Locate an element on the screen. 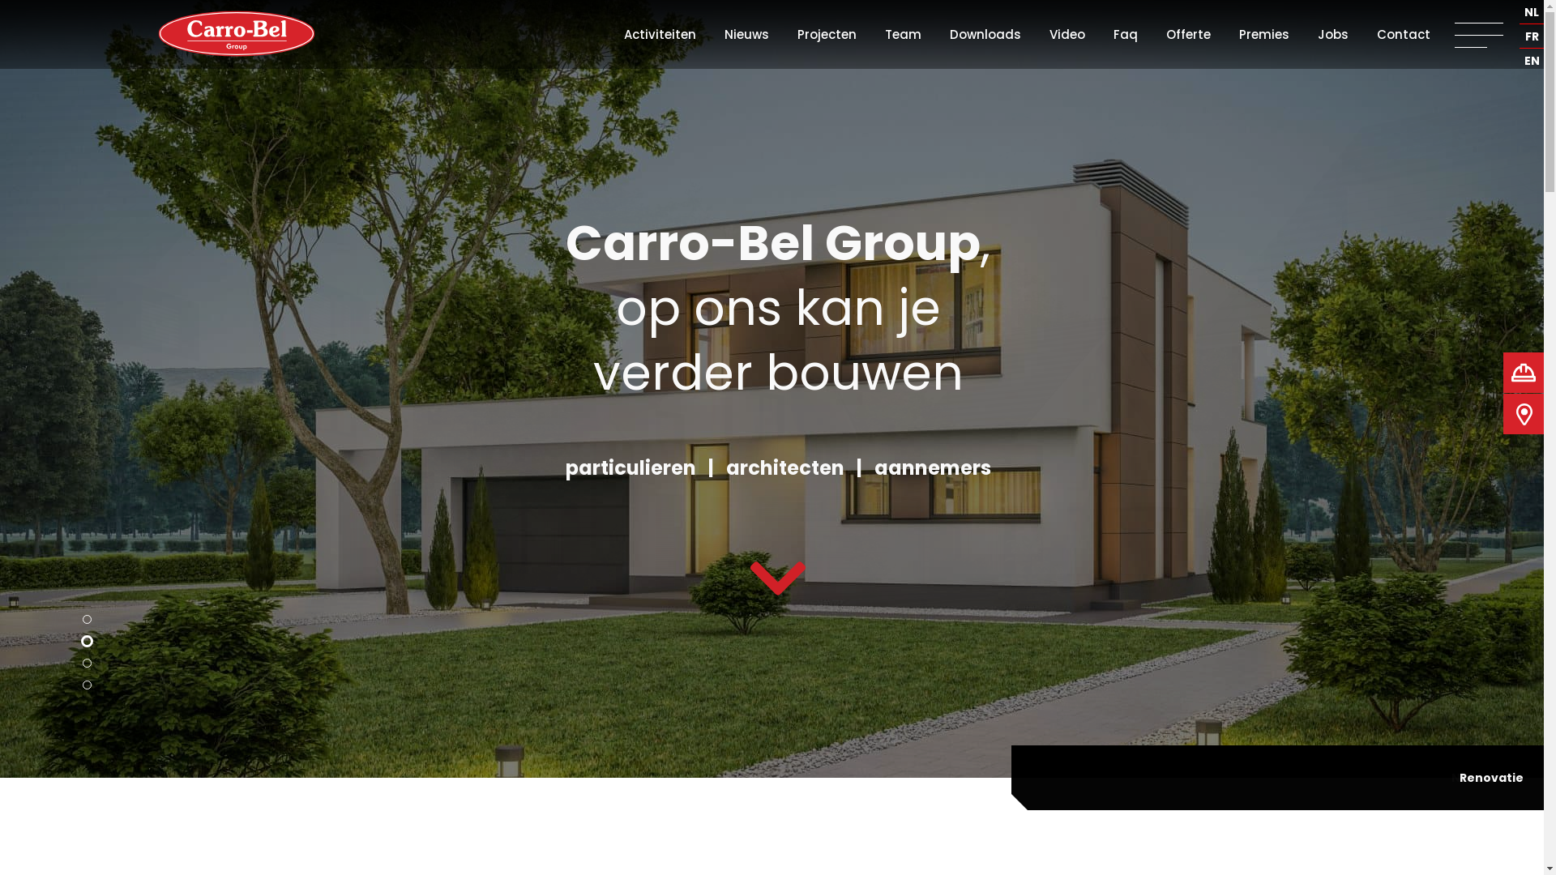 This screenshot has height=875, width=1556. 'Projecten' is located at coordinates (827, 34).